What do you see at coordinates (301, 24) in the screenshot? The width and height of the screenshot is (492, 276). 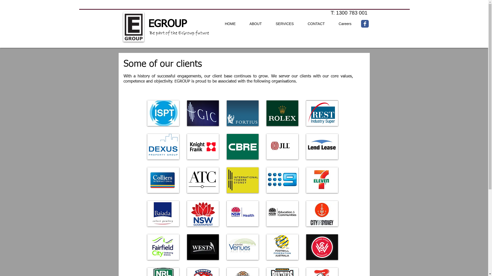 I see `'CONTACT'` at bounding box center [301, 24].